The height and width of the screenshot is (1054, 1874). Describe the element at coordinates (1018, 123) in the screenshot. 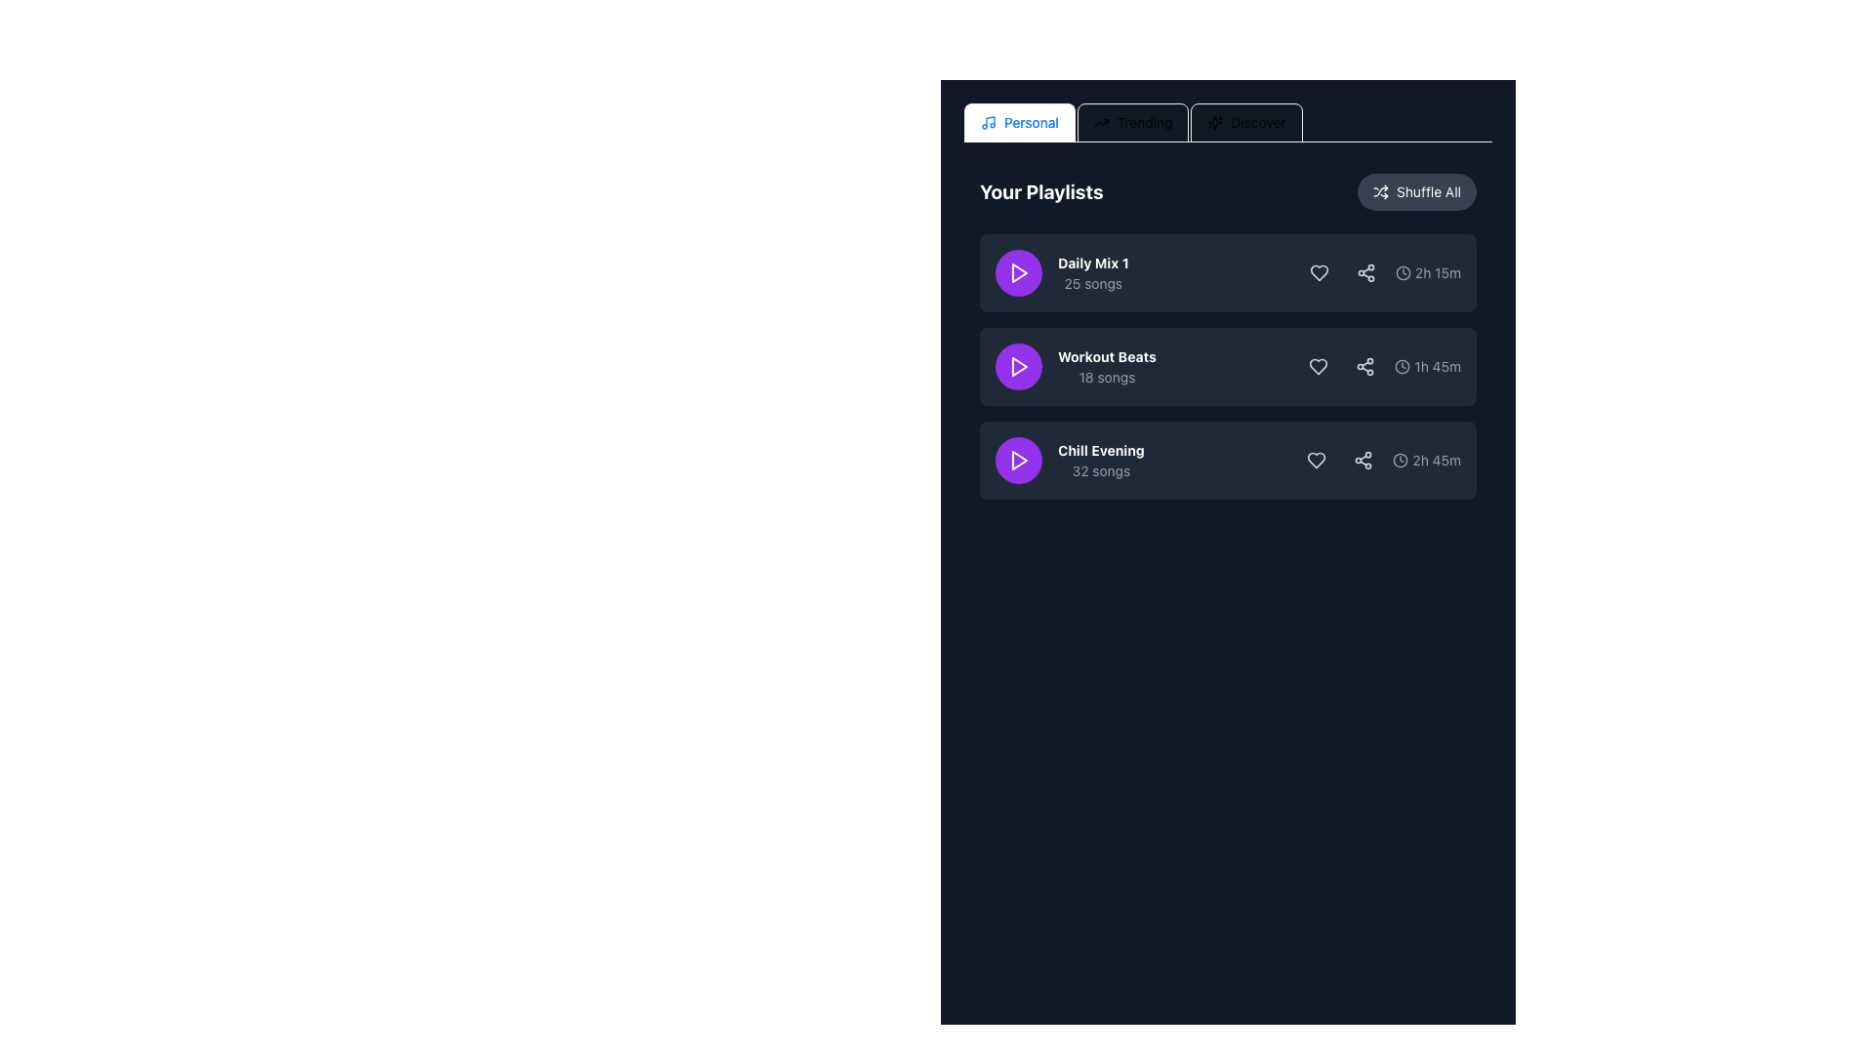

I see `the 'Personal' tab button, which is the first tab in the navigation bar with a musical note icon and blue font on a white background` at that location.